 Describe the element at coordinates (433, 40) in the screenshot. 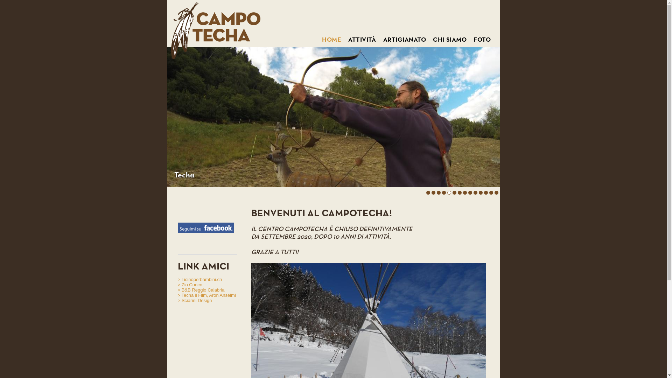

I see `'CHI SIAMO'` at that location.